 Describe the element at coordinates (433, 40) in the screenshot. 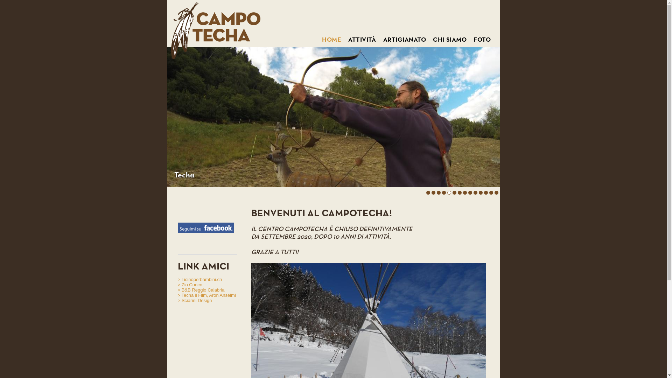

I see `'CHI SIAMO'` at that location.